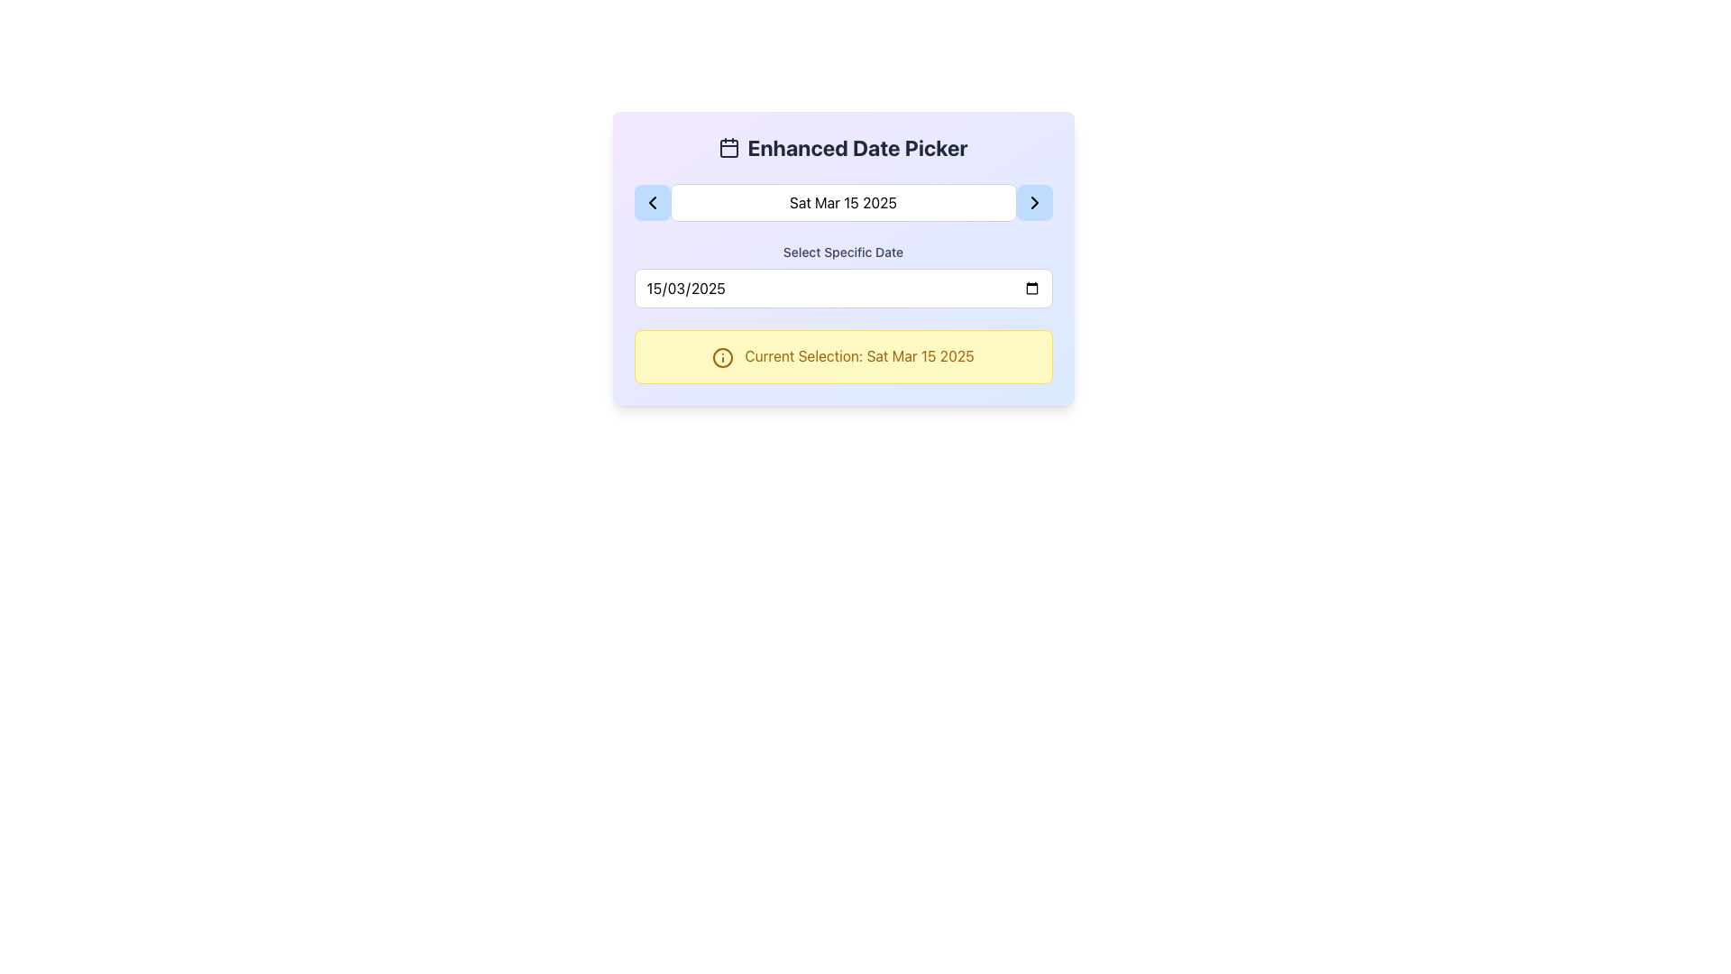 The image size is (1731, 974). What do you see at coordinates (1034, 202) in the screenshot?
I see `the rightward arrow icon located inside a rounded button to the right of the date display field in the 'Enhanced Date Picker' control group` at bounding box center [1034, 202].